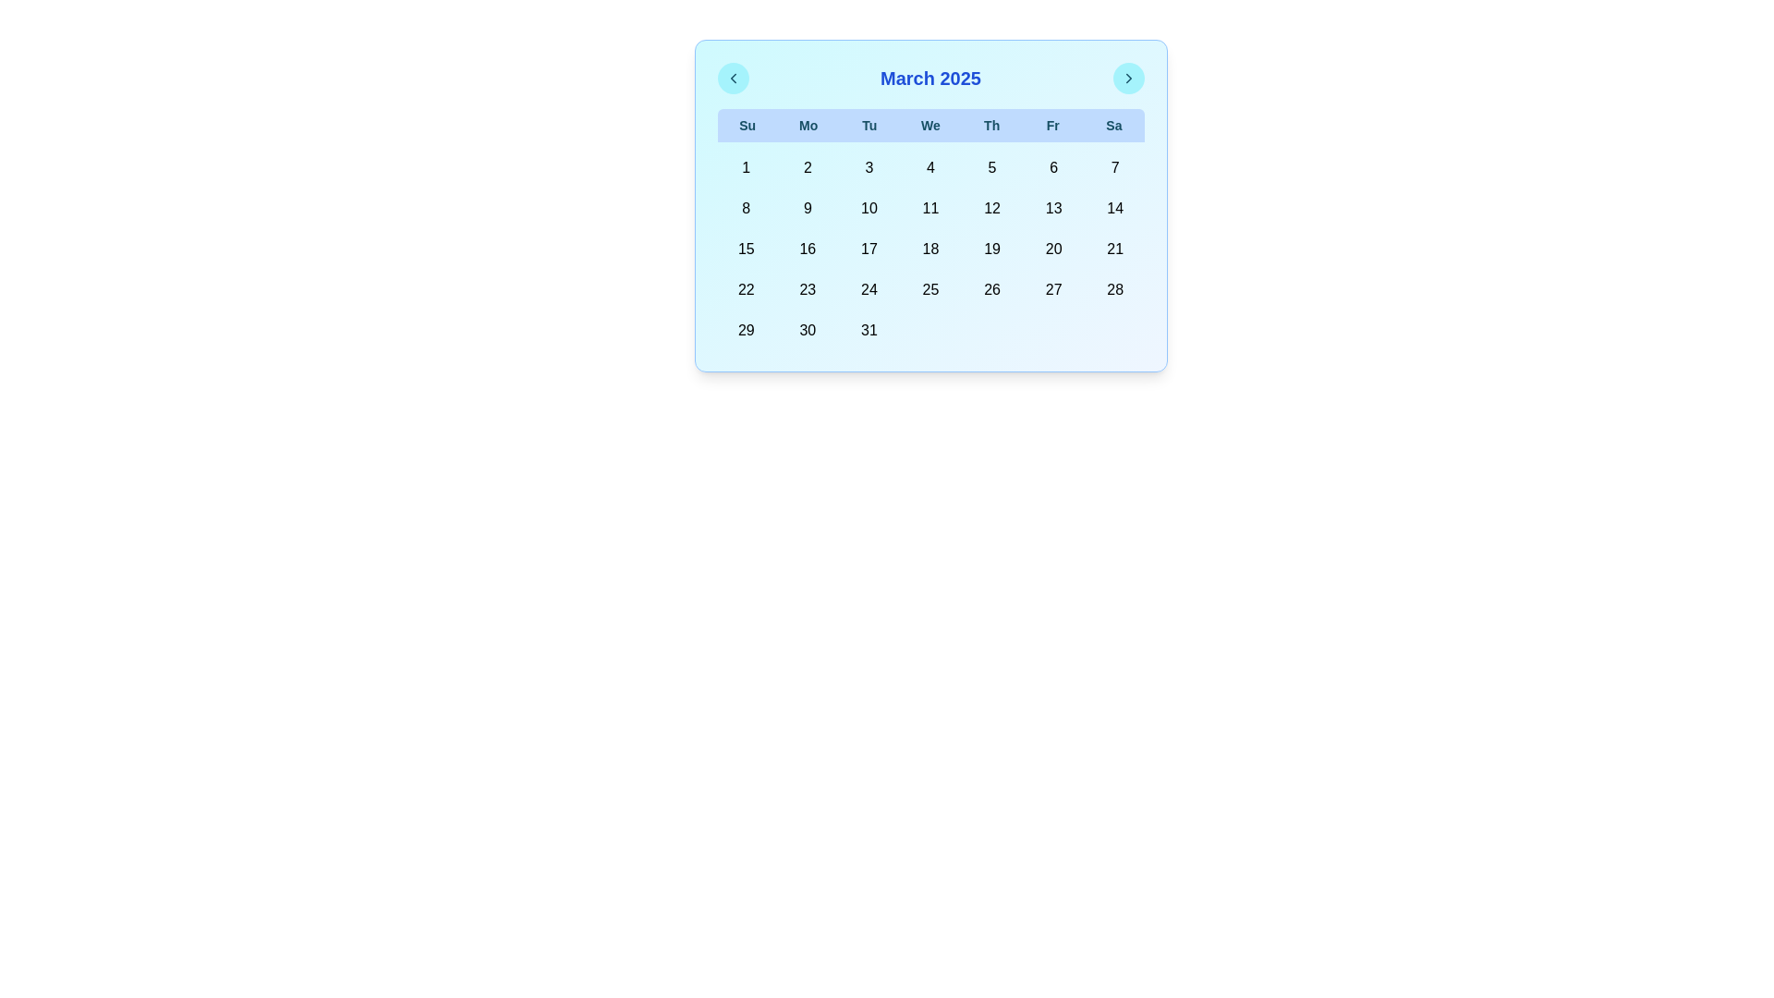 The height and width of the screenshot is (998, 1774). Describe the element at coordinates (930, 289) in the screenshot. I see `the selectable date box representing the date '25' in the calendar interface` at that location.